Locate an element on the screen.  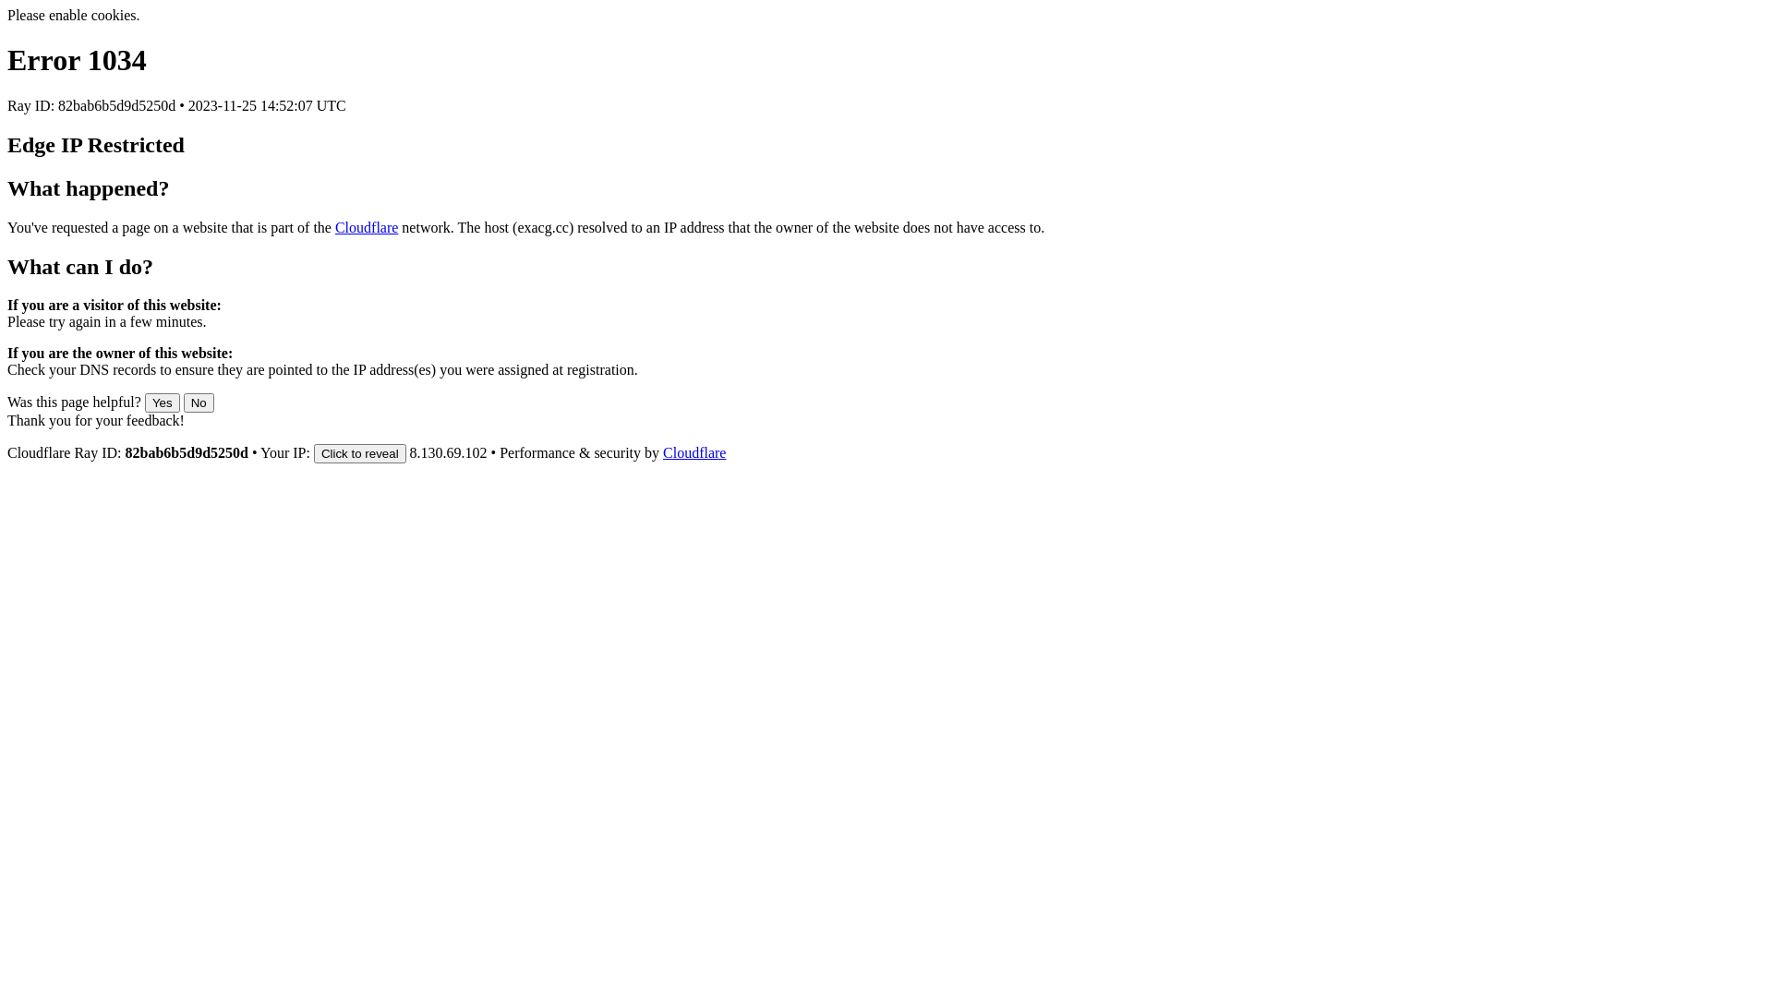
'No' is located at coordinates (199, 402).